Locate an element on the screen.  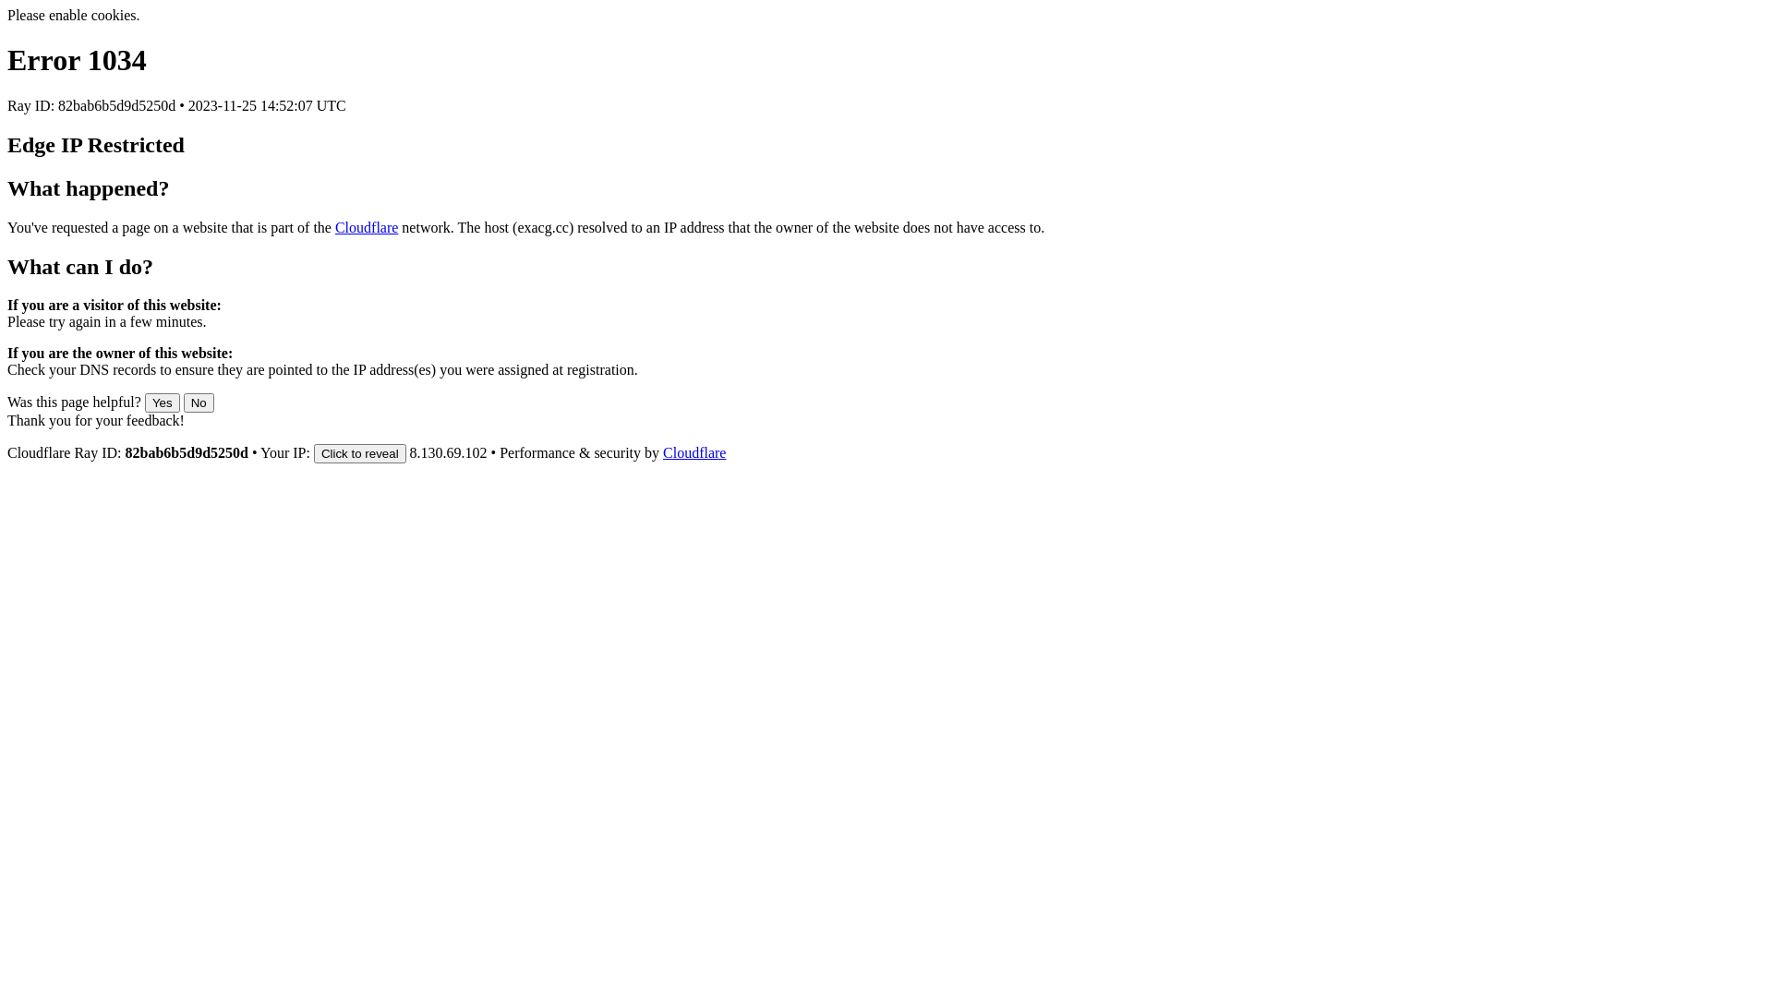
'No' is located at coordinates (199, 402).